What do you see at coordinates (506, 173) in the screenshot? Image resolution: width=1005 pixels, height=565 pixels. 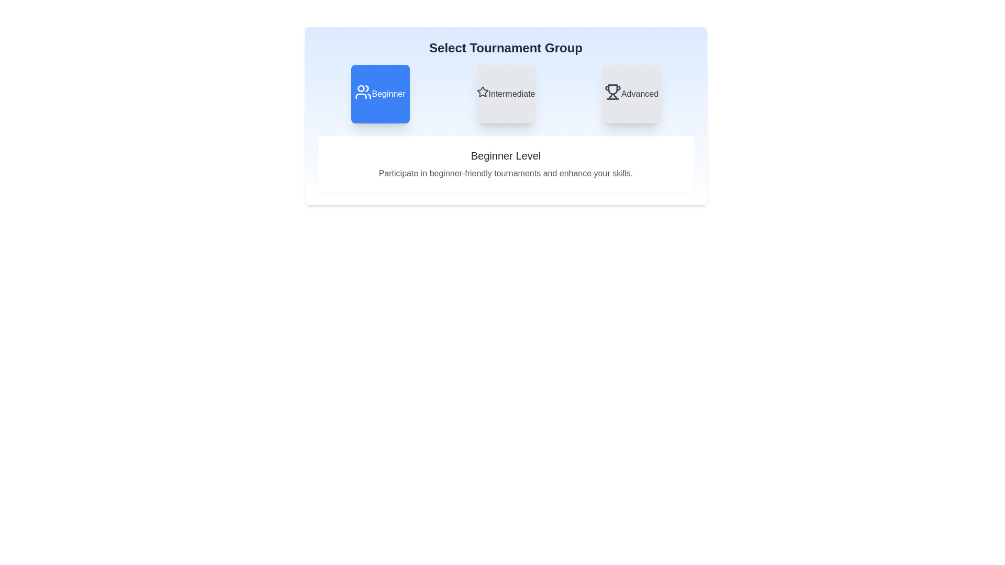 I see `the text display that provides additional descriptive information for the 'Beginner Level' section, located directly below the 'Beginner Level' title` at bounding box center [506, 173].